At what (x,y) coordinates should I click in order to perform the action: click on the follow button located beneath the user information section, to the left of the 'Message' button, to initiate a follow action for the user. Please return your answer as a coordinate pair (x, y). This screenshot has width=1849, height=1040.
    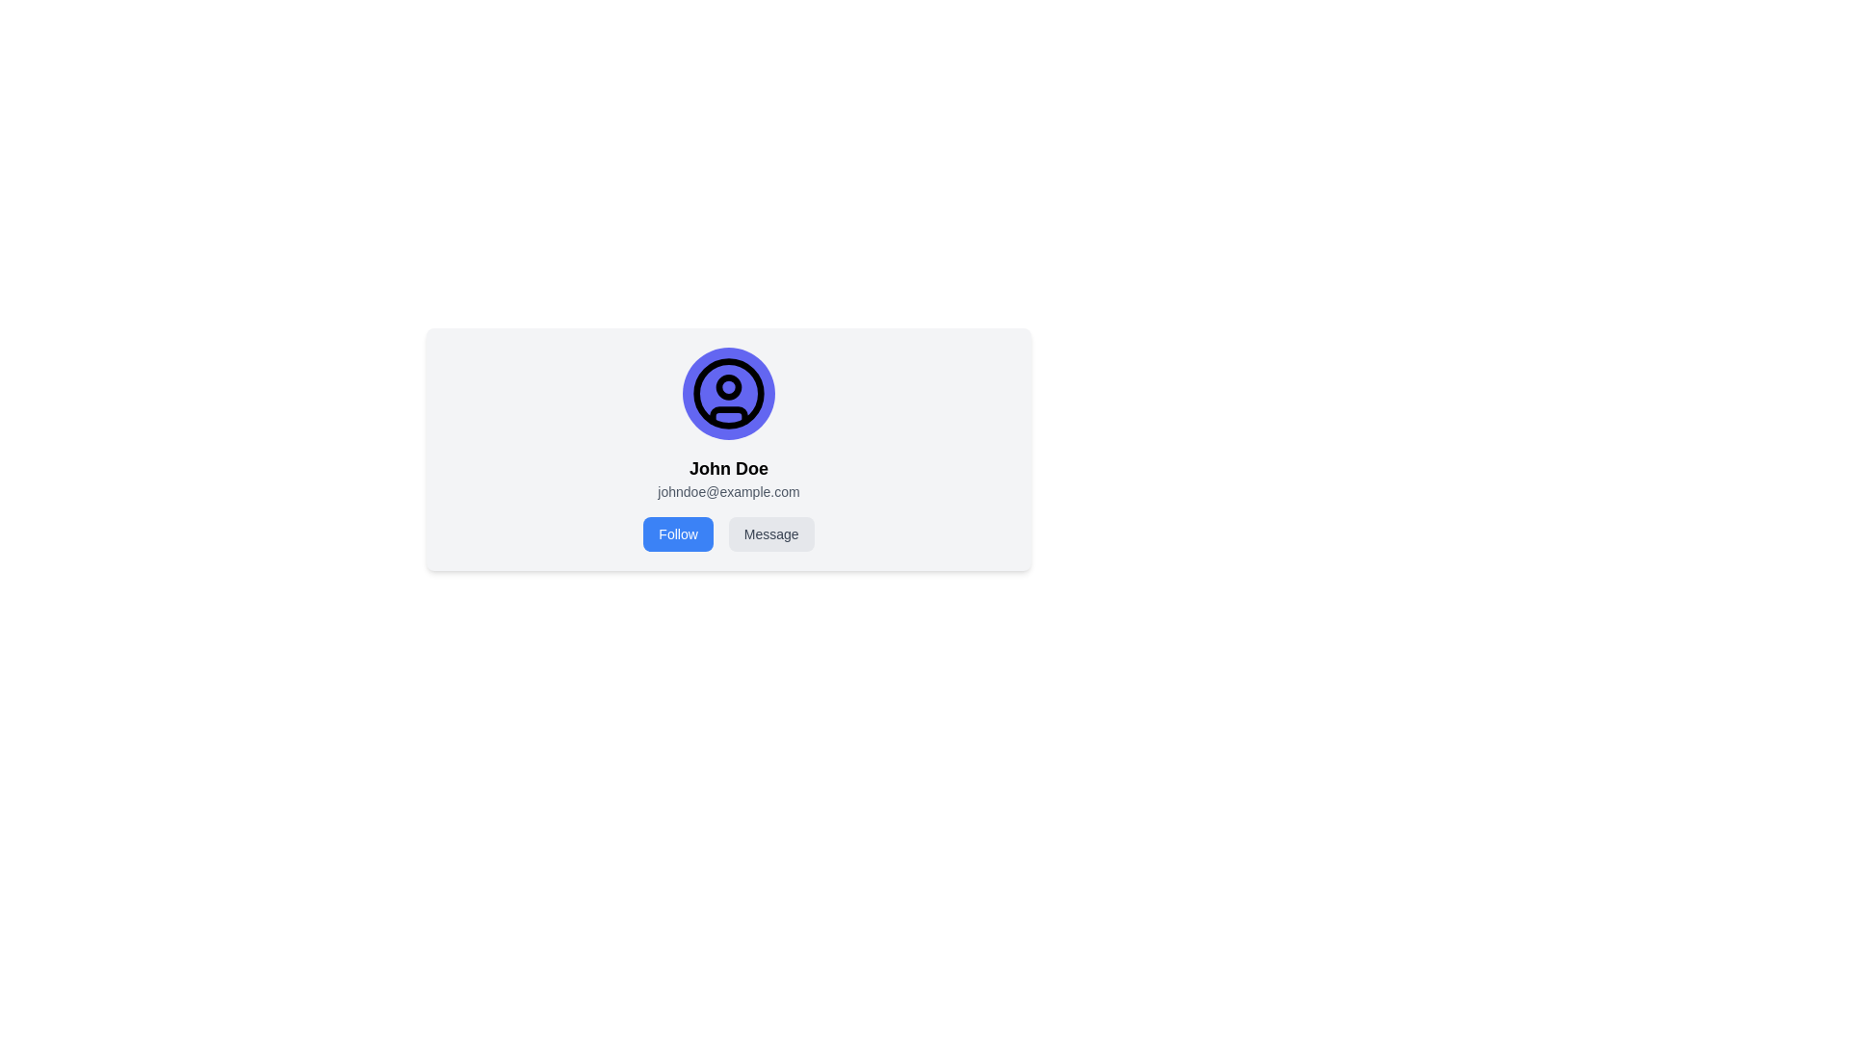
    Looking at the image, I should click on (678, 534).